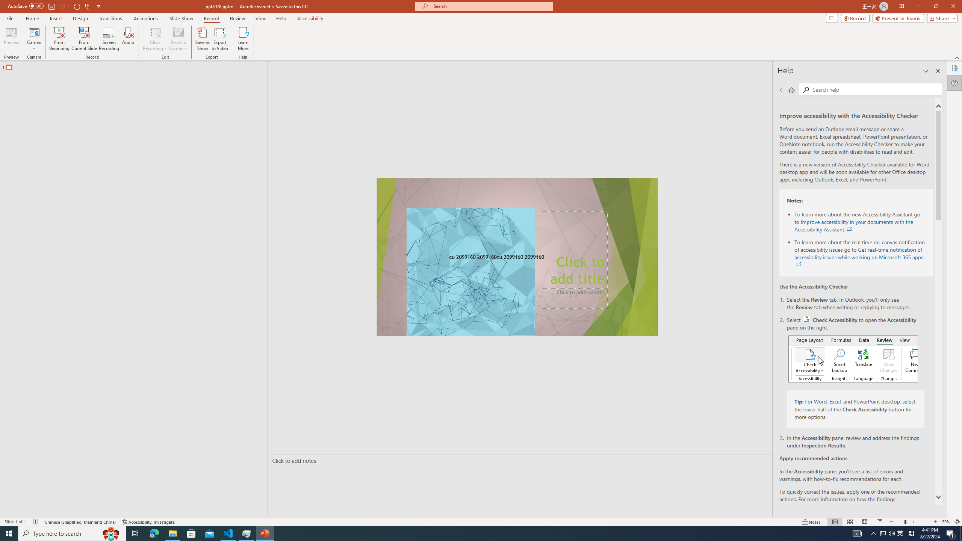 This screenshot has width=962, height=541. What do you see at coordinates (33, 32) in the screenshot?
I see `'Cameo'` at bounding box center [33, 32].